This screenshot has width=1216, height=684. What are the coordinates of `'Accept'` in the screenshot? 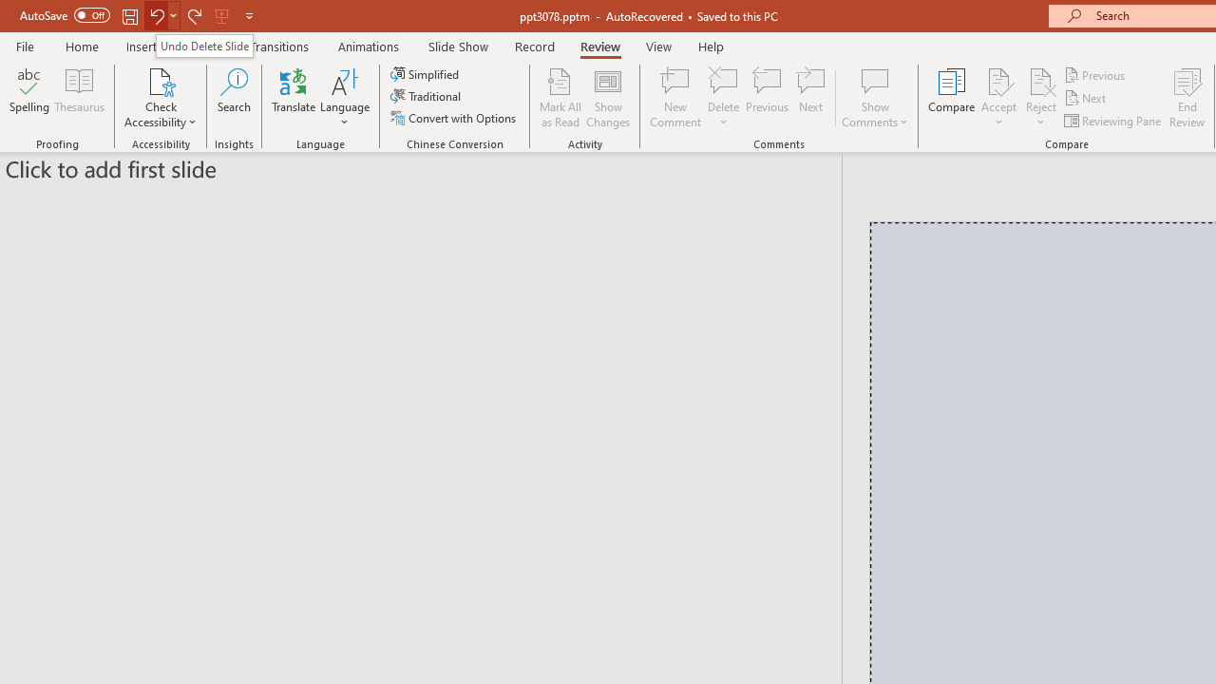 It's located at (997, 98).